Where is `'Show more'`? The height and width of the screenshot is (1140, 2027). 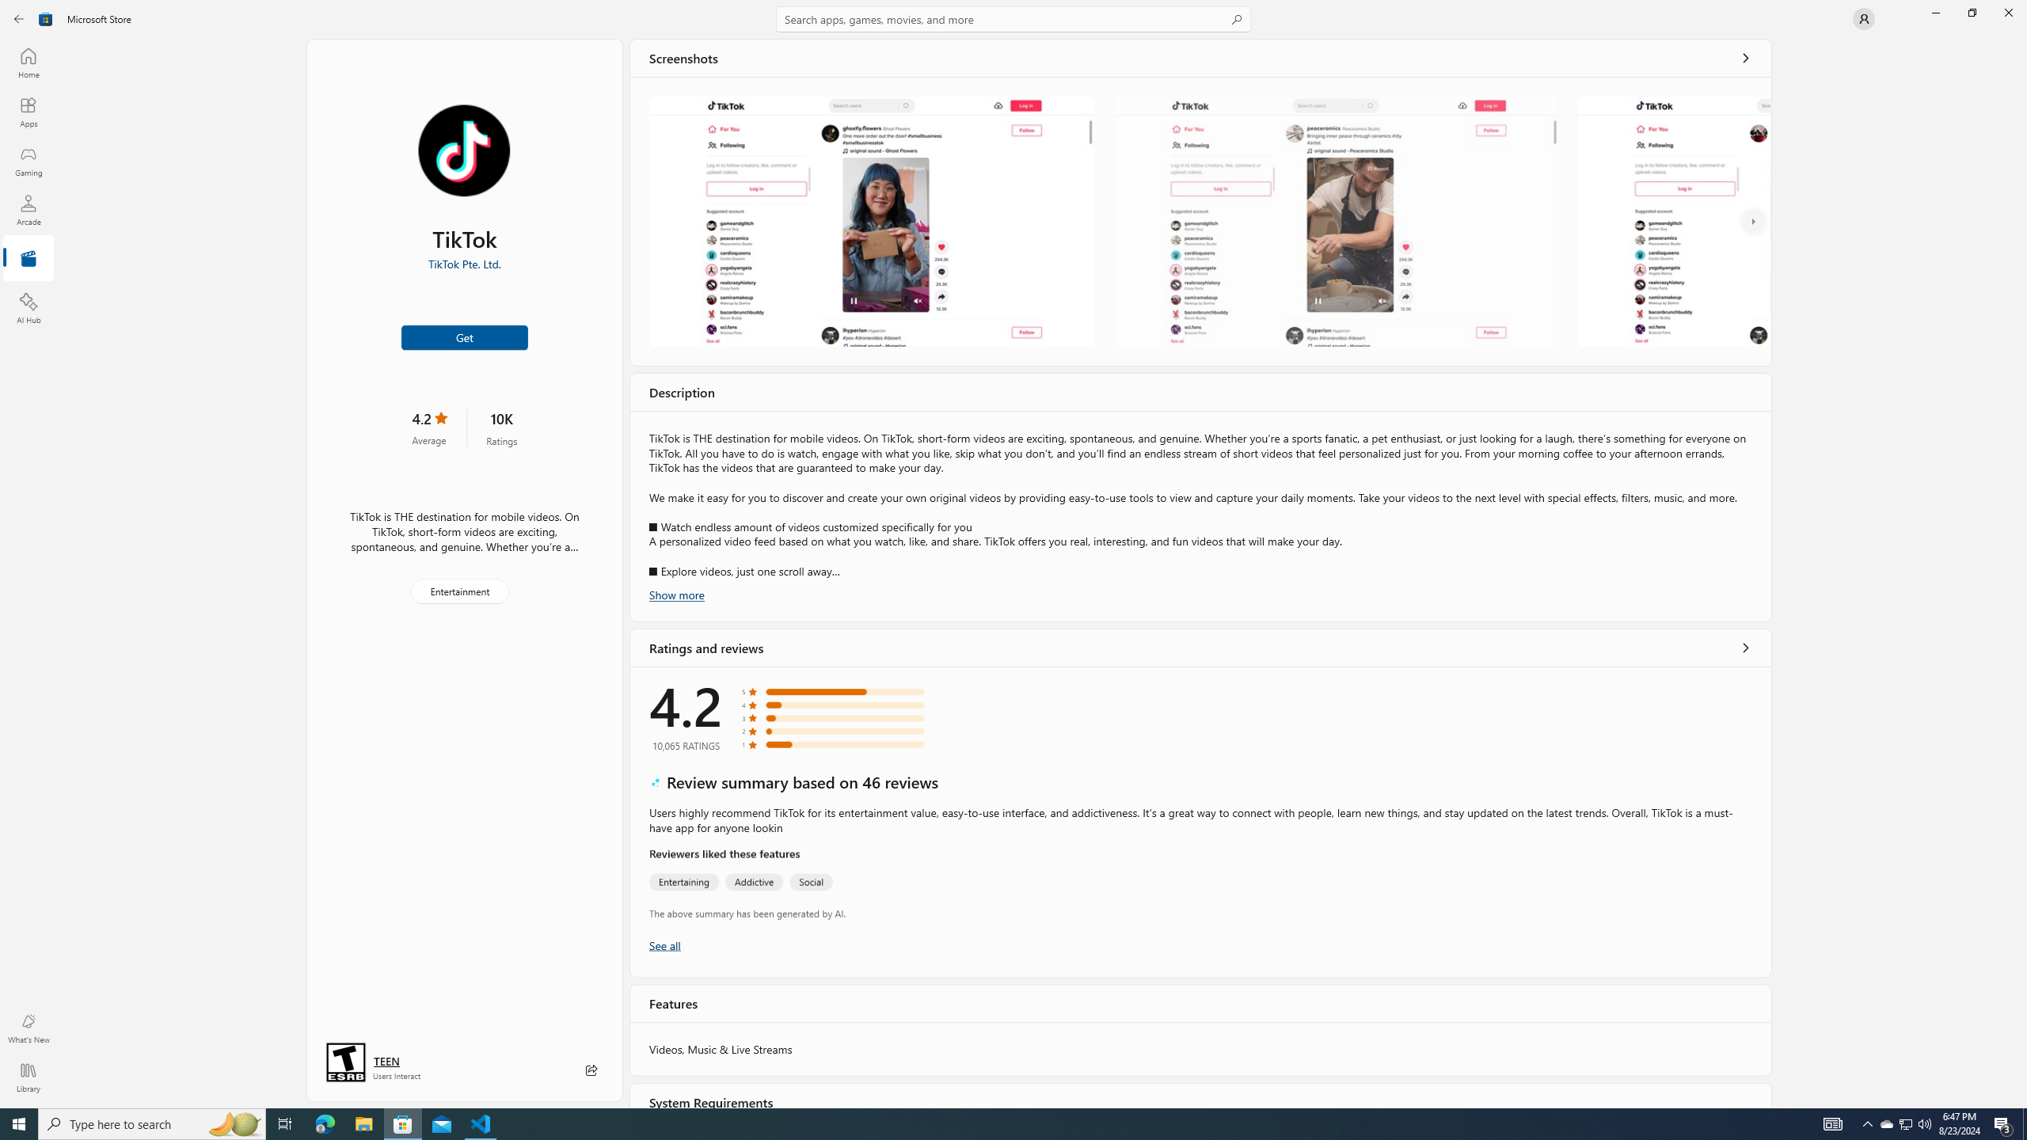 'Show more' is located at coordinates (675, 594).